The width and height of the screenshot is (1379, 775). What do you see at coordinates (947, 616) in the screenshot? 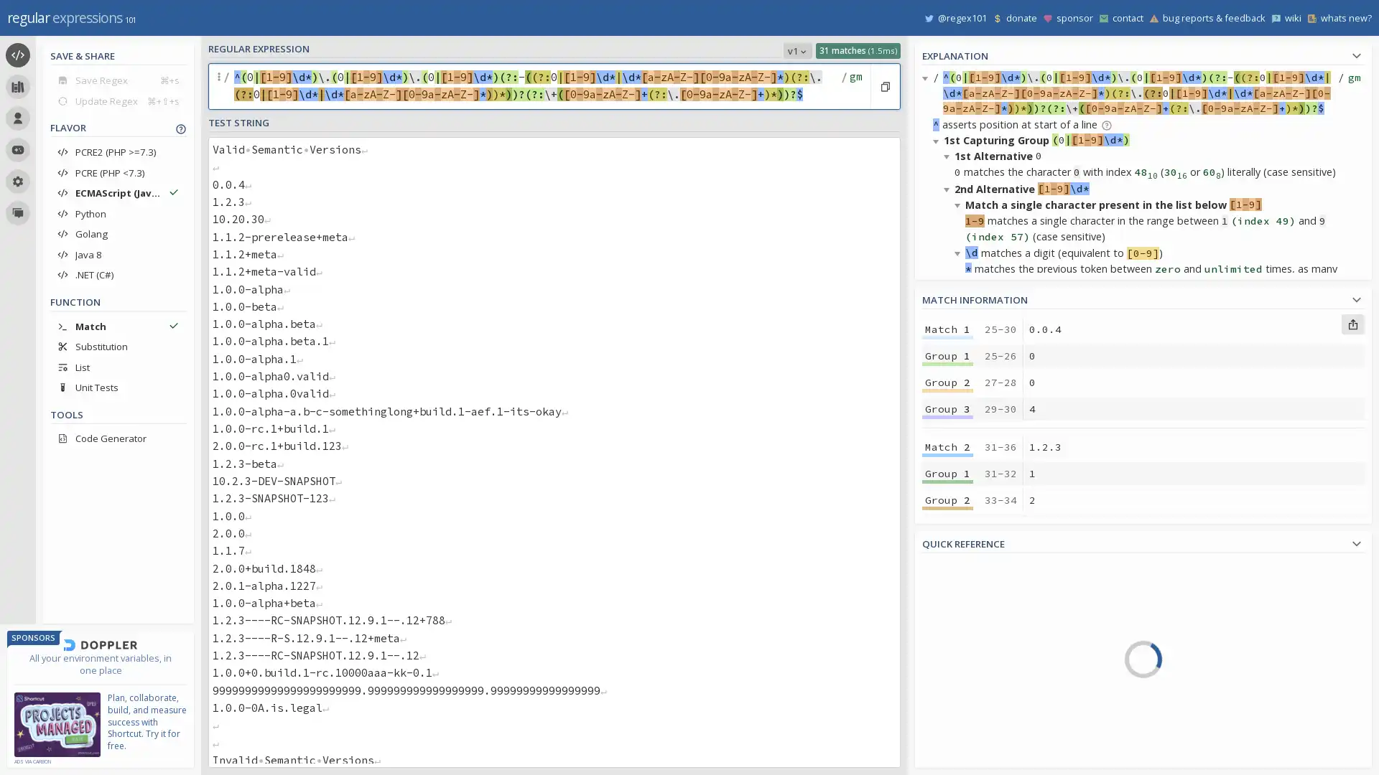
I see `Group 2` at bounding box center [947, 616].